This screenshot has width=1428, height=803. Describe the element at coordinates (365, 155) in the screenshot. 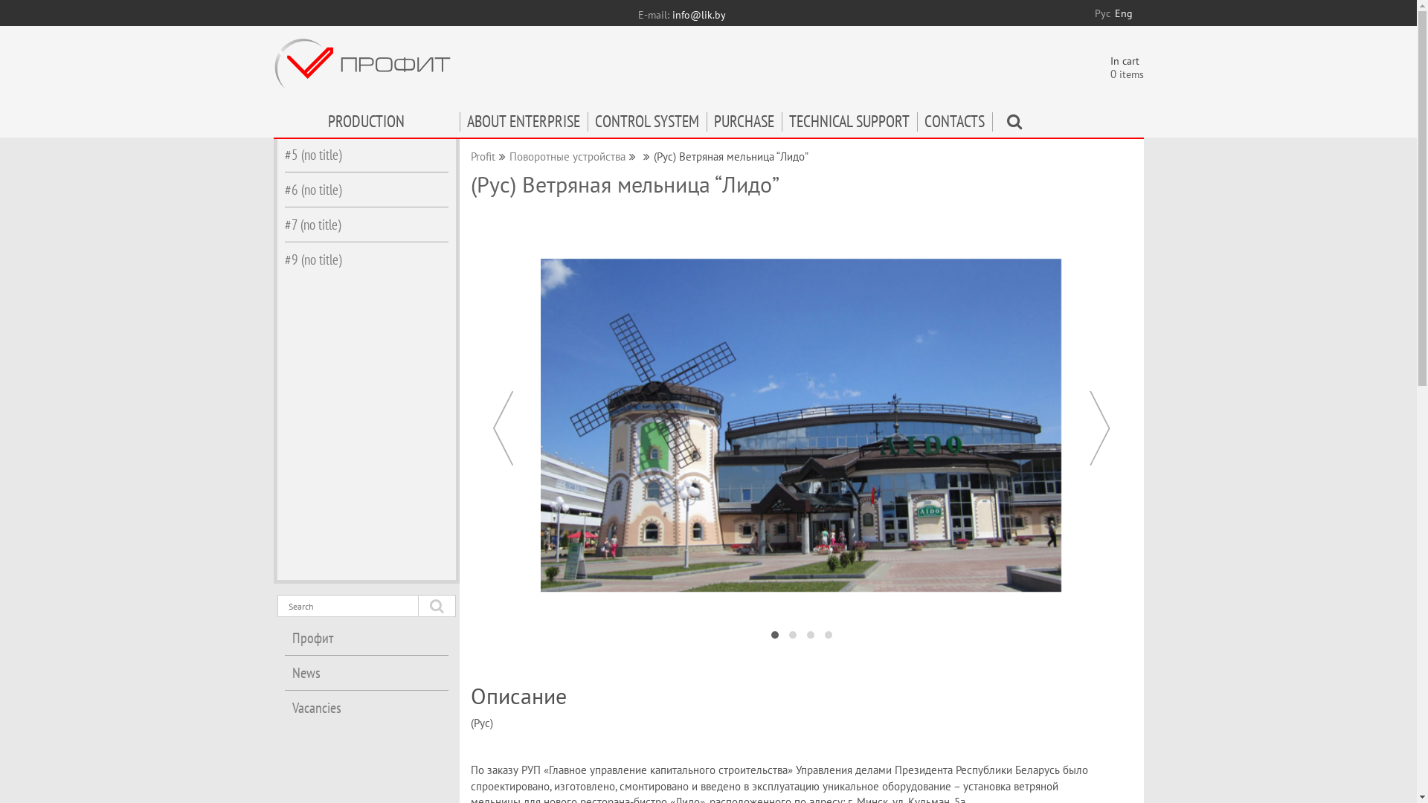

I see `'#5 (no title)'` at that location.